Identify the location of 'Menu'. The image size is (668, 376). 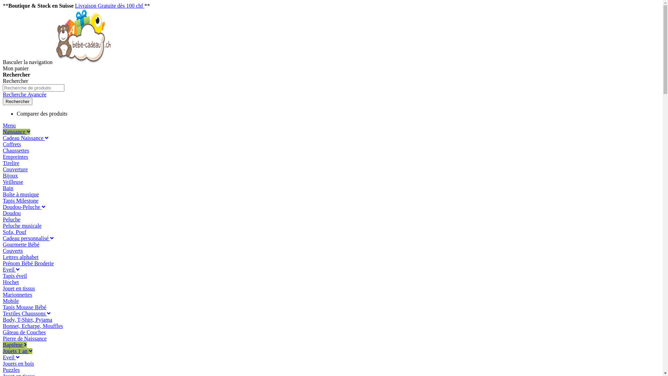
(9, 125).